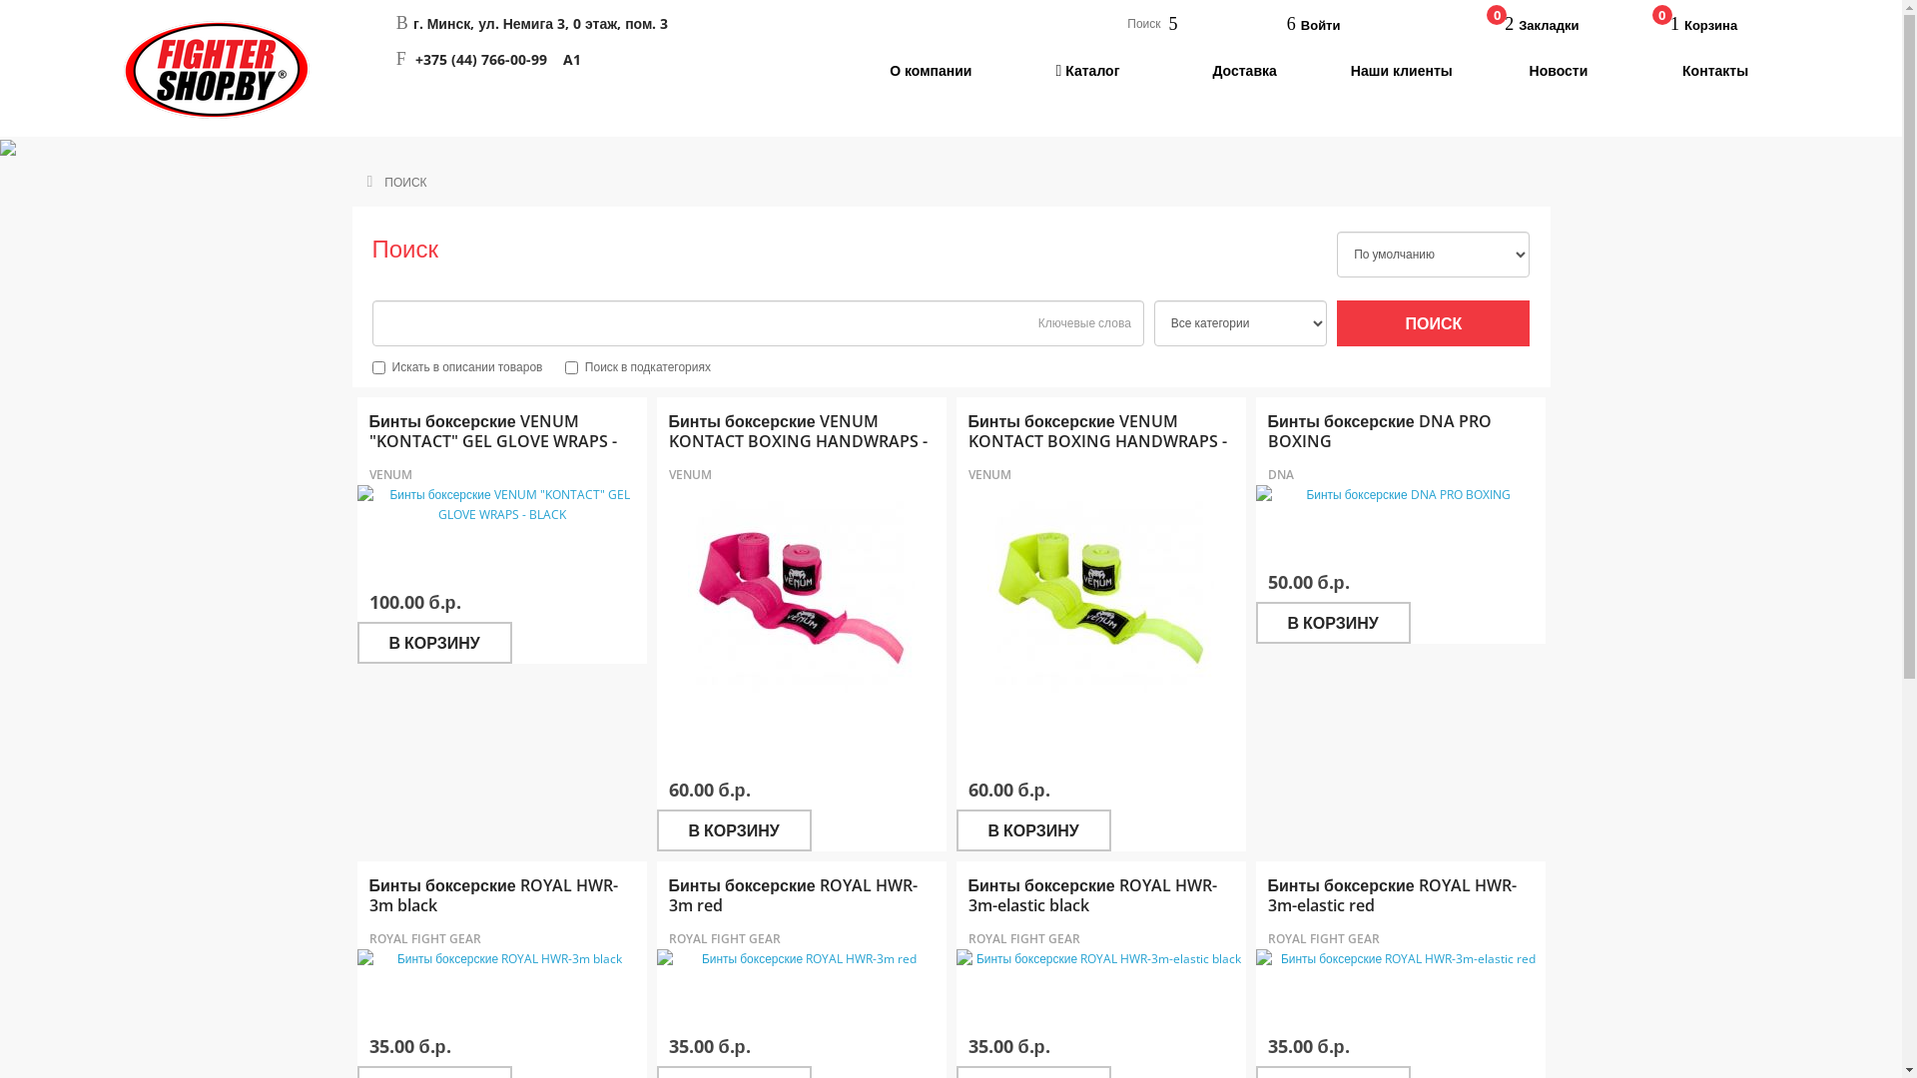 This screenshot has height=1078, width=1917. Describe the element at coordinates (115, 68) in the screenshot. I see `'FIGHTERSHOP'` at that location.